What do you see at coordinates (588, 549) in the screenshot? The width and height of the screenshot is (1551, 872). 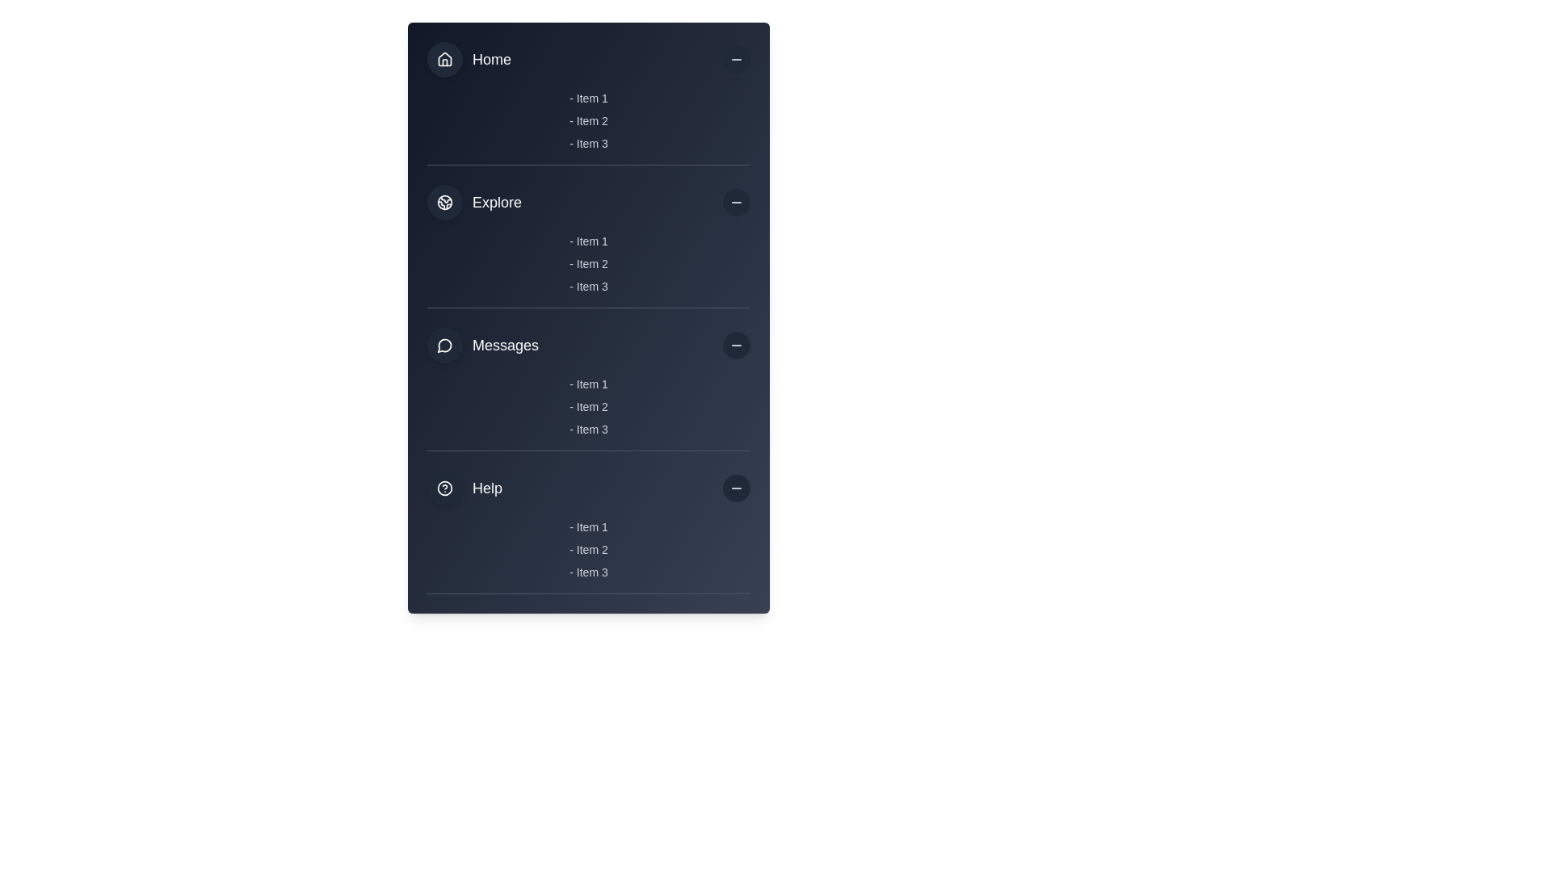 I see `the text element reading '- Item 2', which is the second item in a bullet-point list under the 'Help' section, located in the bottom-right part of the interface` at bounding box center [588, 549].